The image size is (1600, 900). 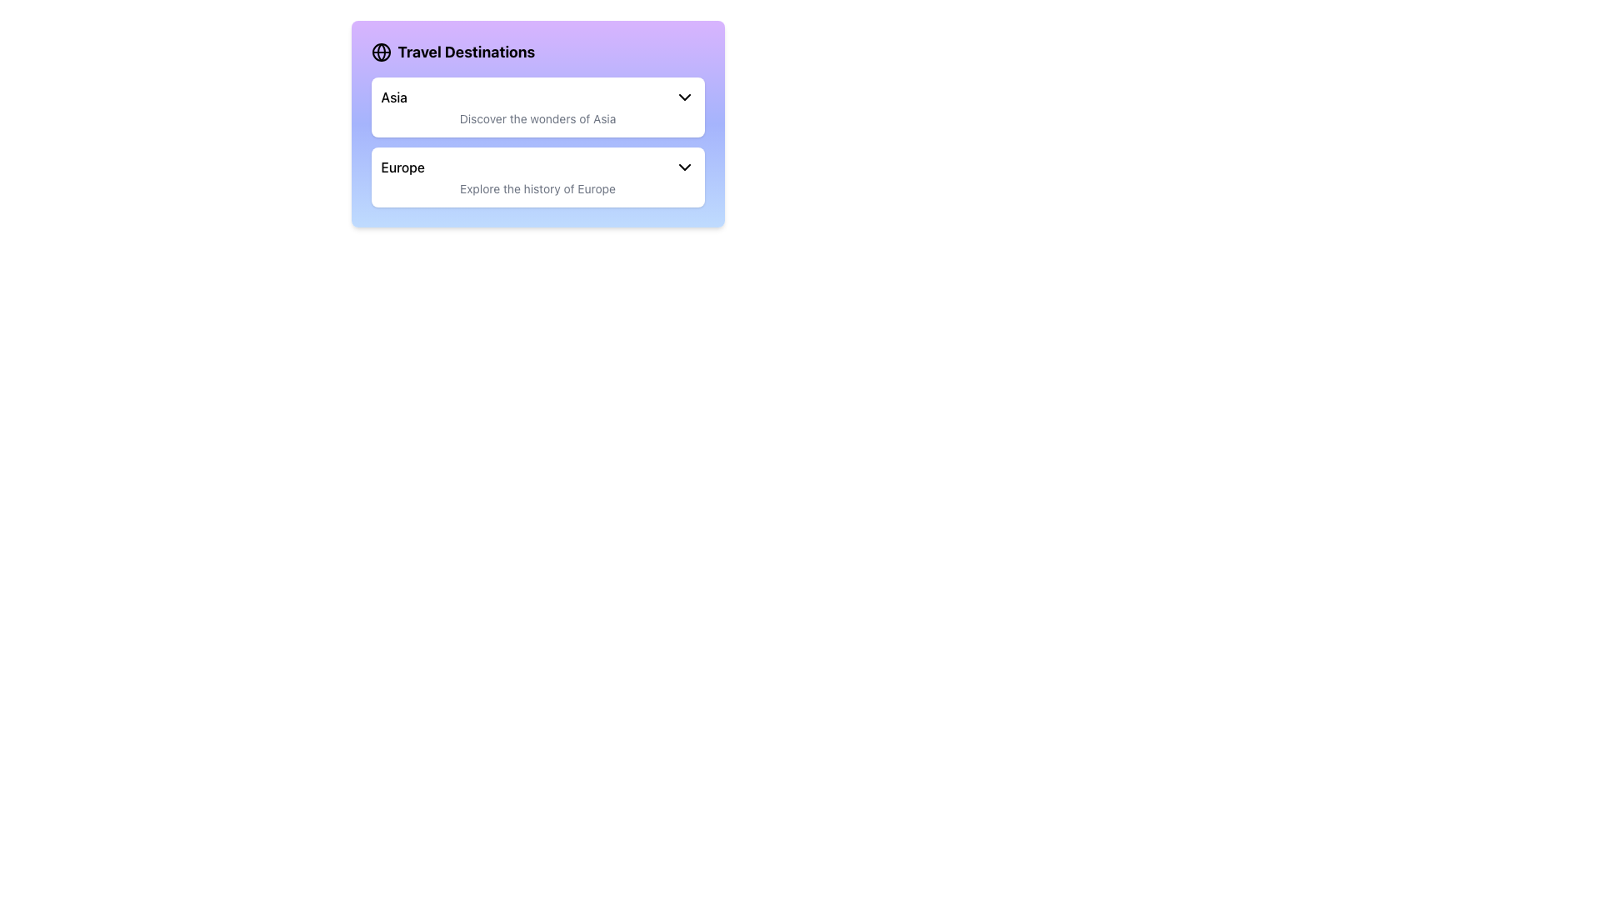 I want to click on the downward chevron arrow icon next to the label 'Asia', so click(x=684, y=97).